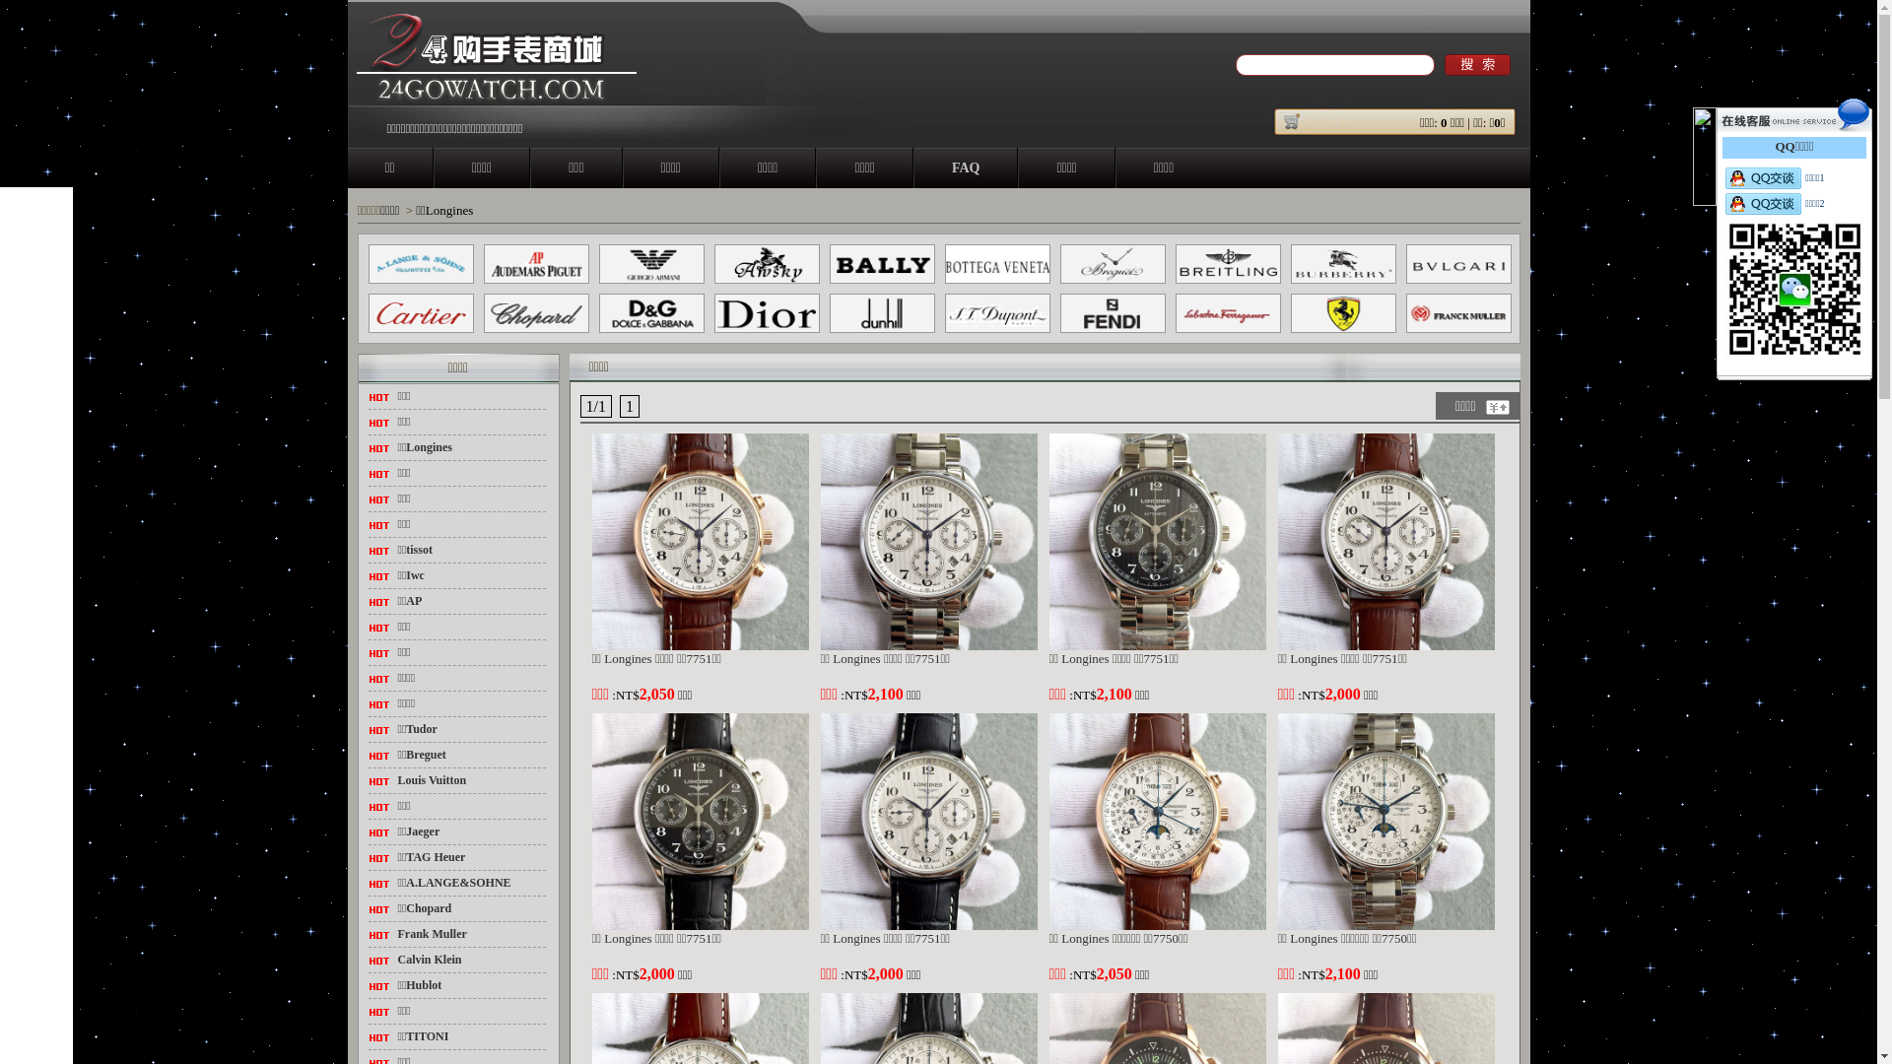 The image size is (1892, 1064). What do you see at coordinates (966, 166) in the screenshot?
I see `'FAQ'` at bounding box center [966, 166].